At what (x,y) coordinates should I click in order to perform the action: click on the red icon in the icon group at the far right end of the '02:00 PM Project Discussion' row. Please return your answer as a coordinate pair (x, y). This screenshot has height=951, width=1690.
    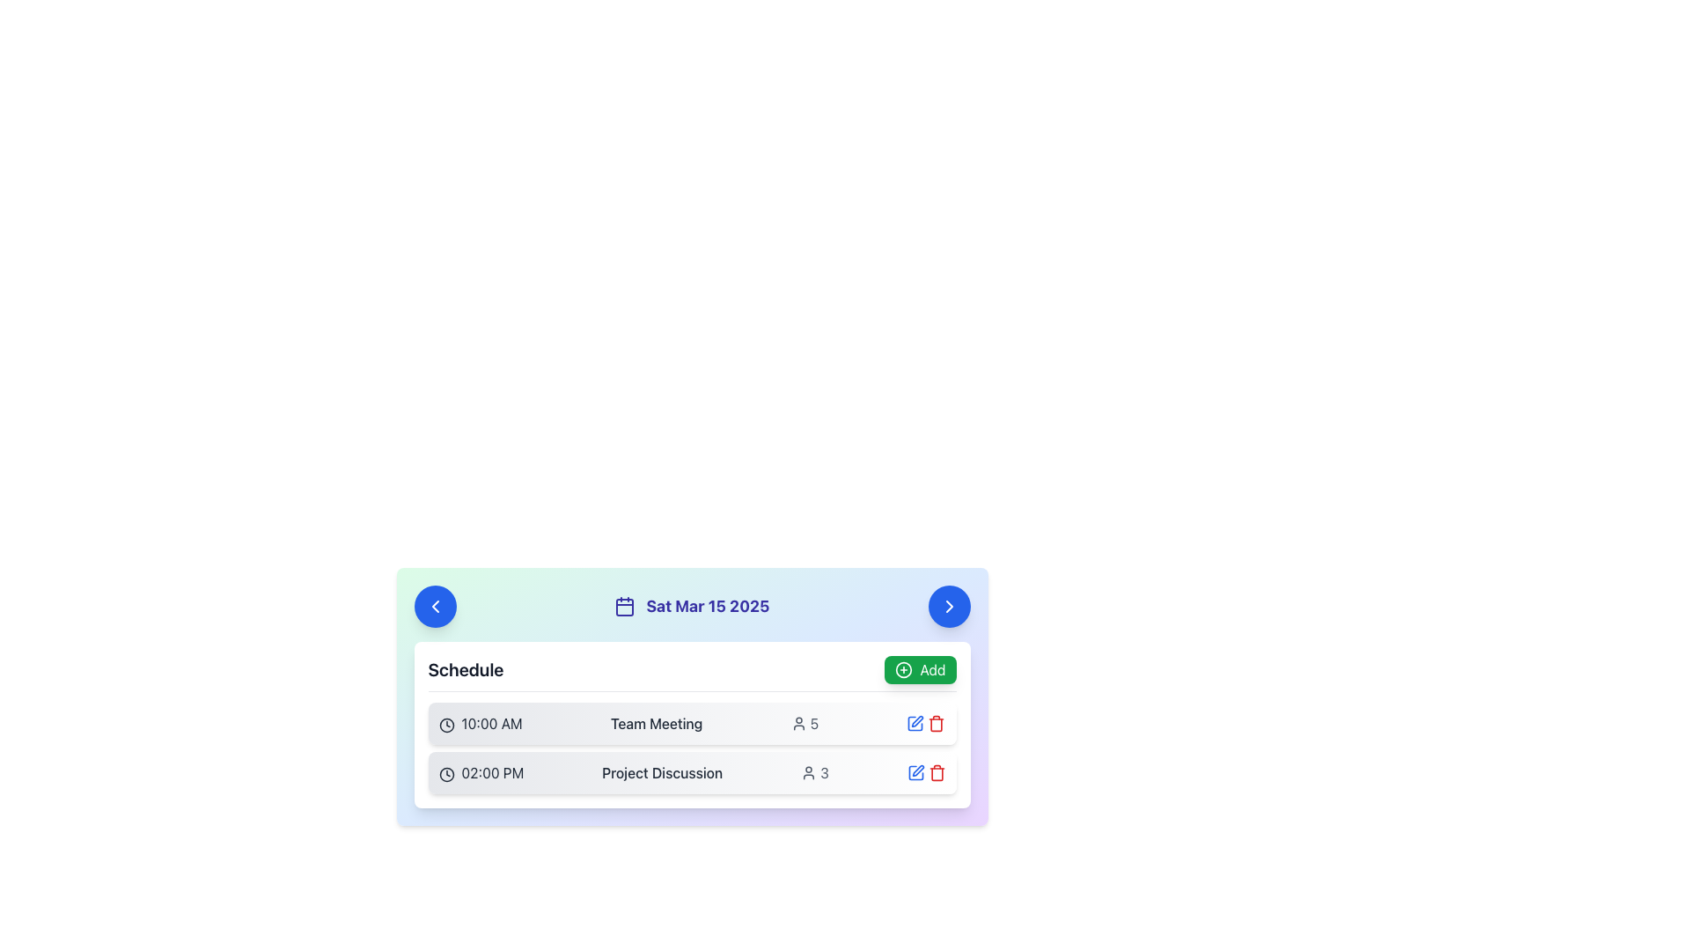
    Looking at the image, I should click on (925, 772).